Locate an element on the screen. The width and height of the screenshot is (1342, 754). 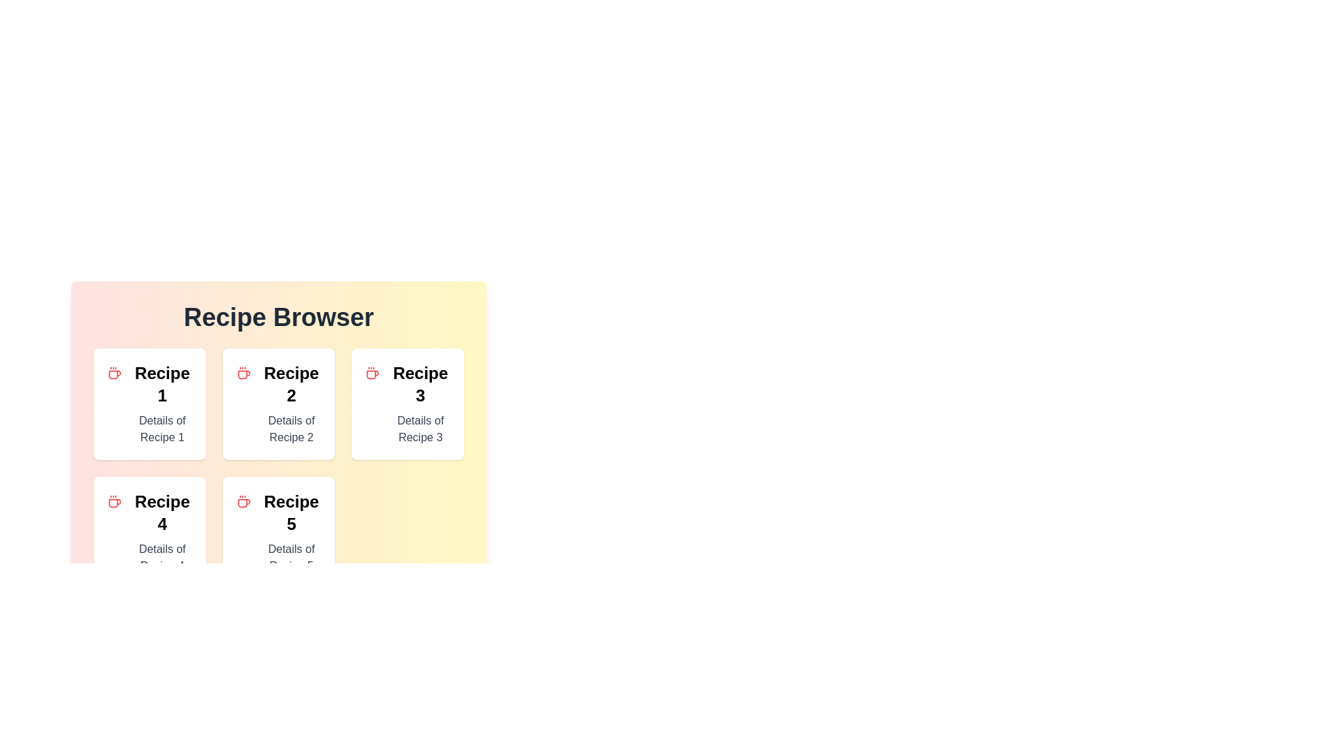
the clickable card labeled 'Recipe 2' in the second position from the left in the top row of the grid under 'Recipe Browser' is located at coordinates (291, 404).